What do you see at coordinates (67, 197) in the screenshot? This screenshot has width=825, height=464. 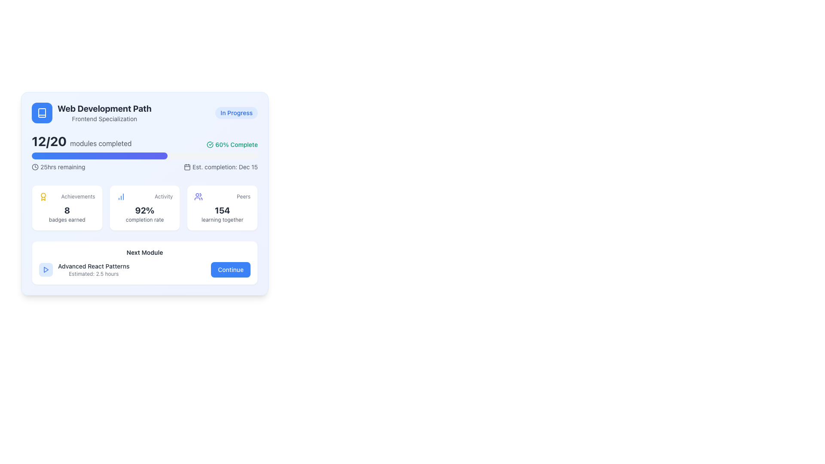 I see `text 'Achievements' from the label located in the top-left corner of the achievements section within the dashboard card` at bounding box center [67, 197].